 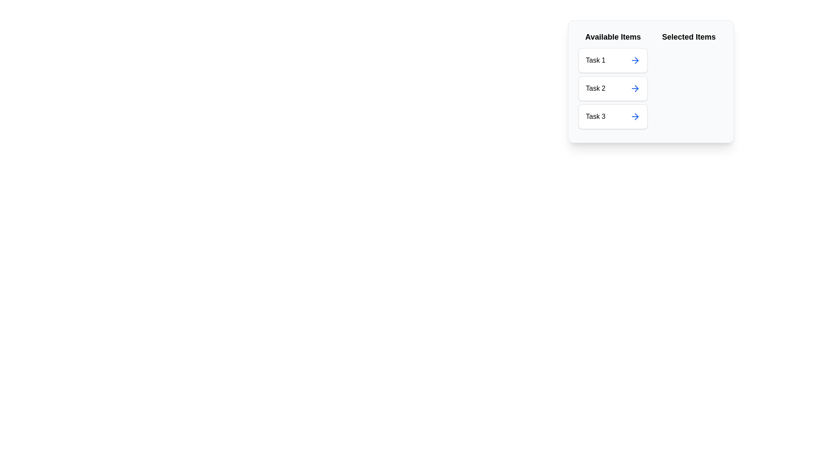 What do you see at coordinates (613, 89) in the screenshot?
I see `the second task item in the 'Available Items' section` at bounding box center [613, 89].